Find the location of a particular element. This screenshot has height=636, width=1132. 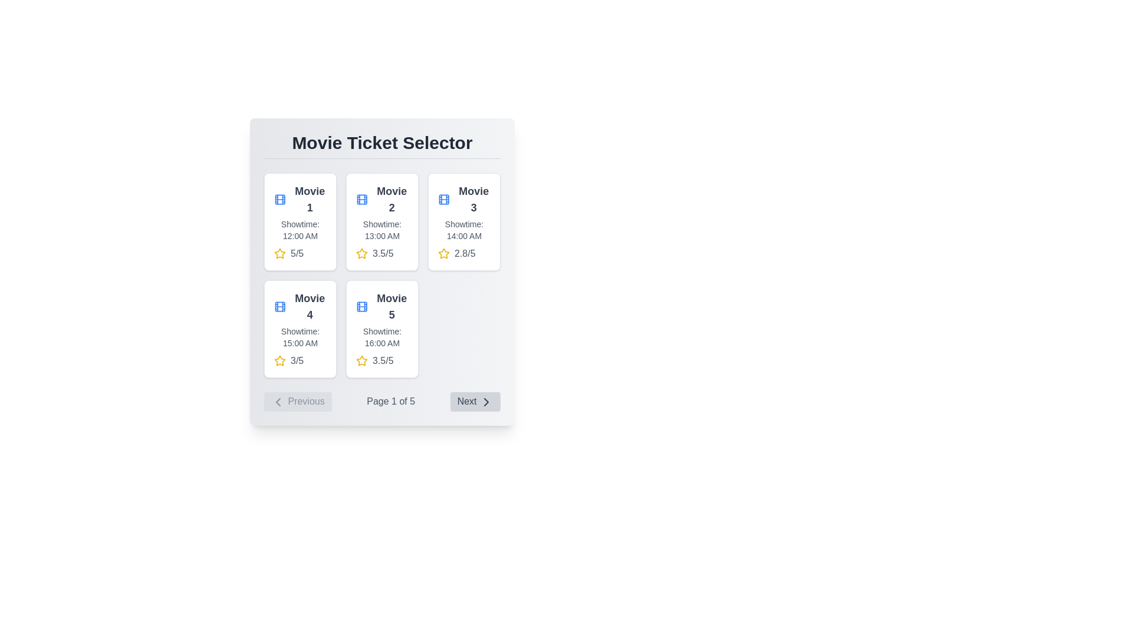

text content of the element displaying 'Movie 4' in bold gray font, located in the second row, first column of the grid layout is located at coordinates (310, 306).